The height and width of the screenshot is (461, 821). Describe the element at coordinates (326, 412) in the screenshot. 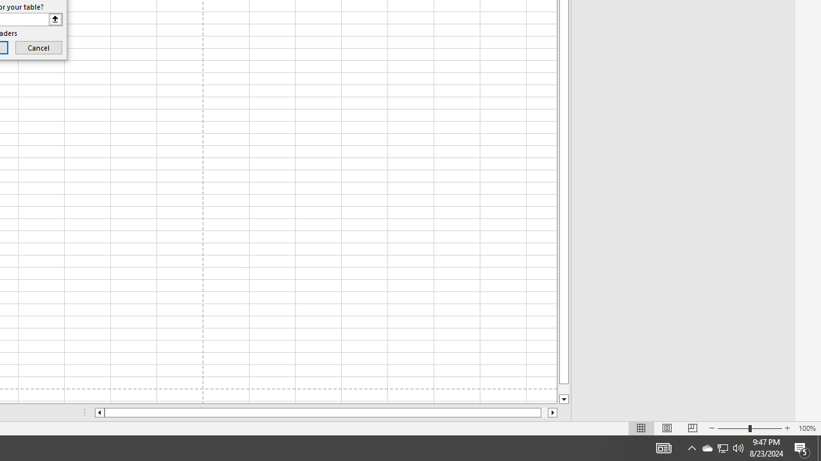

I see `'Class: NetUIScrollBar'` at that location.